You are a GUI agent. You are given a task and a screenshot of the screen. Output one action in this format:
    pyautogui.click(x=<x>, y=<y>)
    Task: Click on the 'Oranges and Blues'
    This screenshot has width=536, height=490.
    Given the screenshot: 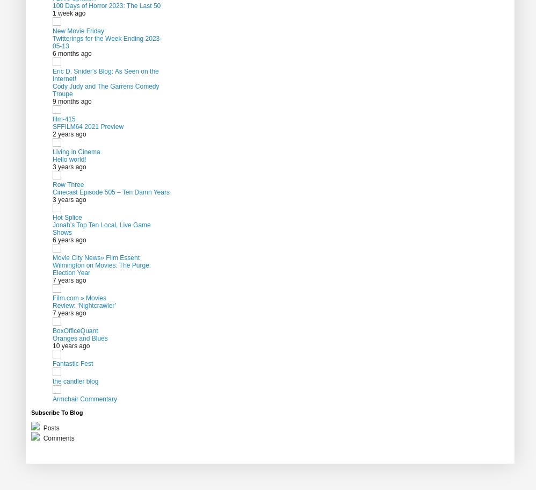 What is the action you would take?
    pyautogui.click(x=80, y=338)
    